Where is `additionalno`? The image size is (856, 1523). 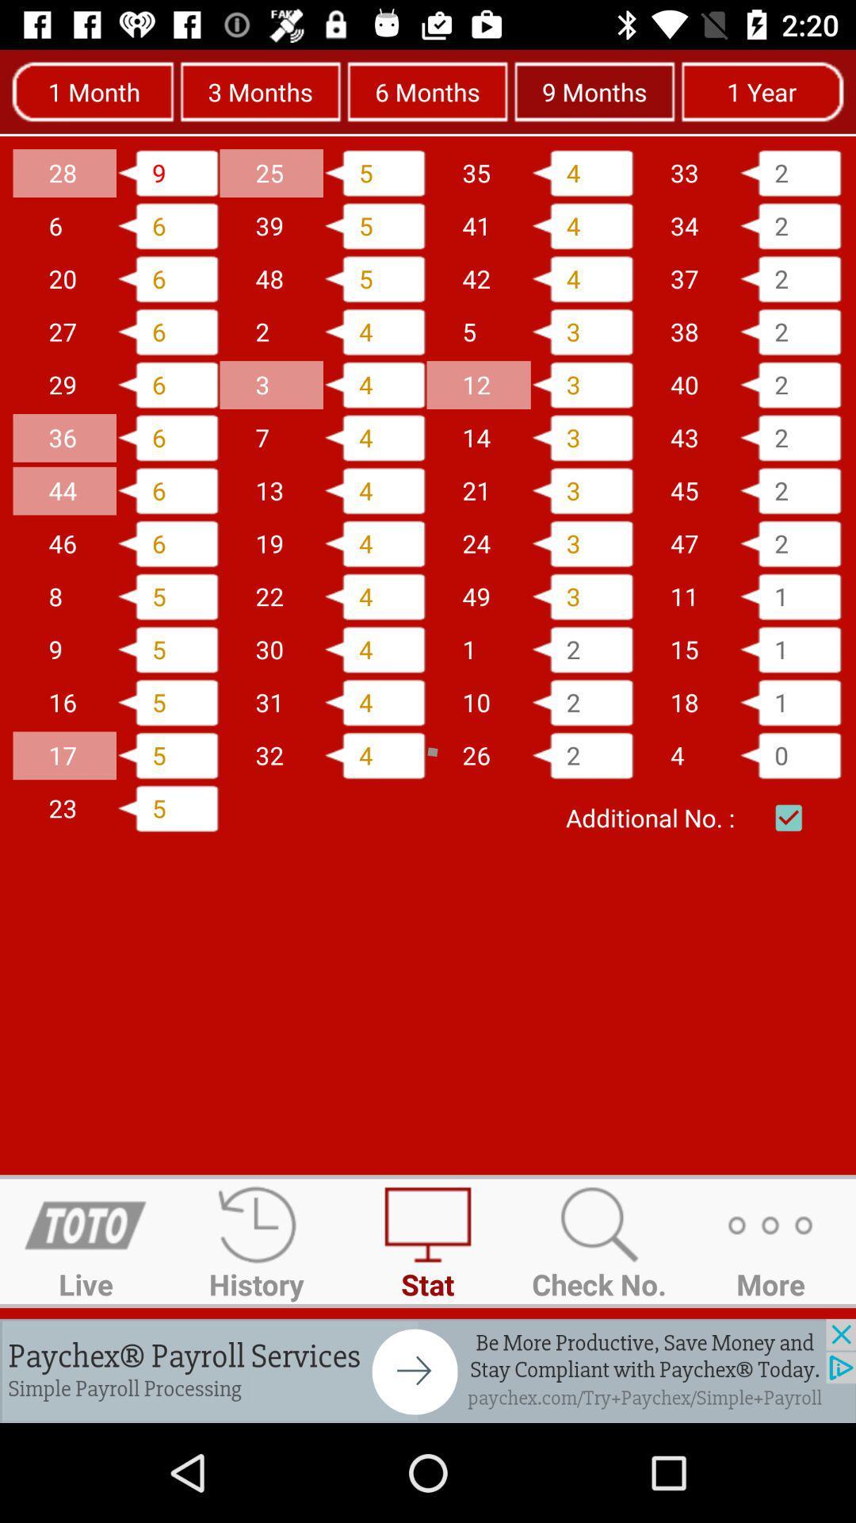
additionalno is located at coordinates (789, 818).